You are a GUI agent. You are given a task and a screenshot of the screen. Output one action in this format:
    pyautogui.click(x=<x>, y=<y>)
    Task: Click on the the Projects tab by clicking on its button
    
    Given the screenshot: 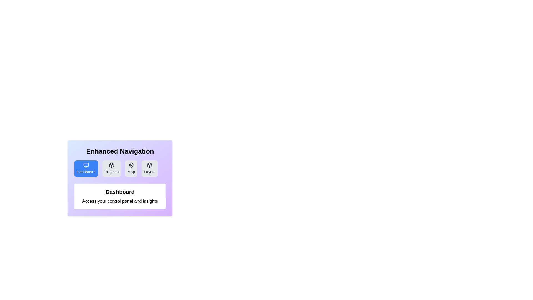 What is the action you would take?
    pyautogui.click(x=111, y=168)
    